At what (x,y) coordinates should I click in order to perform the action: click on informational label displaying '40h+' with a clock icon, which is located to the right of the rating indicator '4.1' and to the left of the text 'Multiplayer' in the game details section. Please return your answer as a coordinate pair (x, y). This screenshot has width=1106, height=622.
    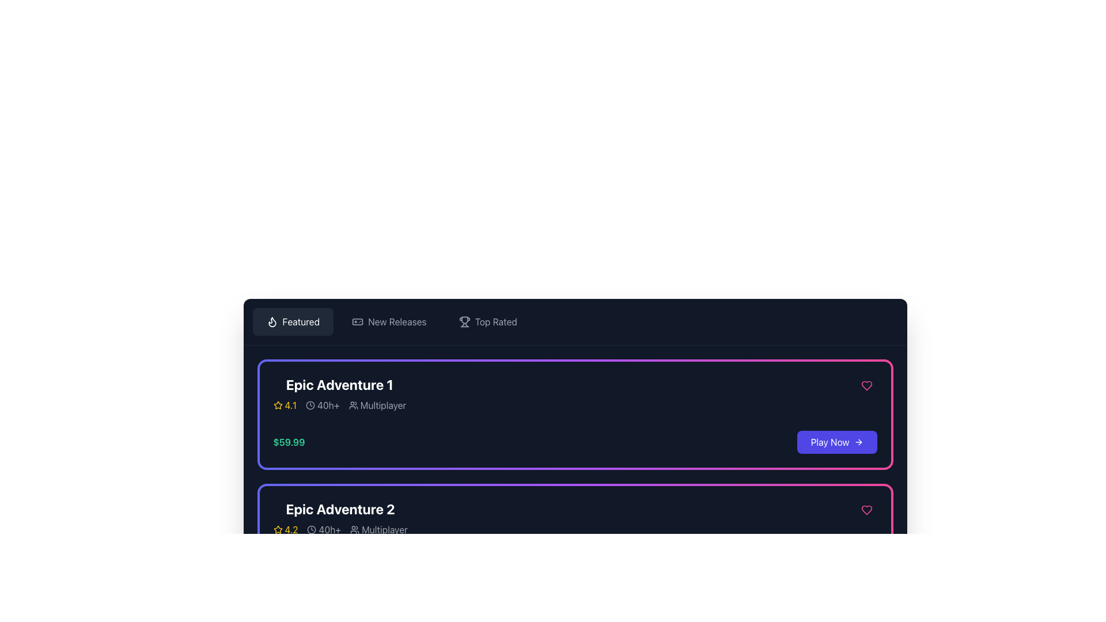
    Looking at the image, I should click on (323, 405).